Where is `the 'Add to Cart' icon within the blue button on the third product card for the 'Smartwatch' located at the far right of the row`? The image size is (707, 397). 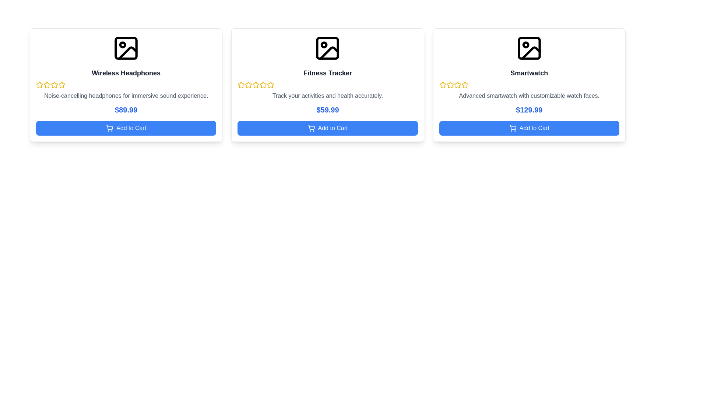 the 'Add to Cart' icon within the blue button on the third product card for the 'Smartwatch' located at the far right of the row is located at coordinates (512, 127).